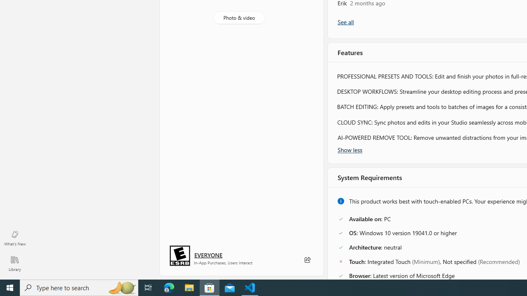  What do you see at coordinates (307, 260) in the screenshot?
I see `'Share'` at bounding box center [307, 260].